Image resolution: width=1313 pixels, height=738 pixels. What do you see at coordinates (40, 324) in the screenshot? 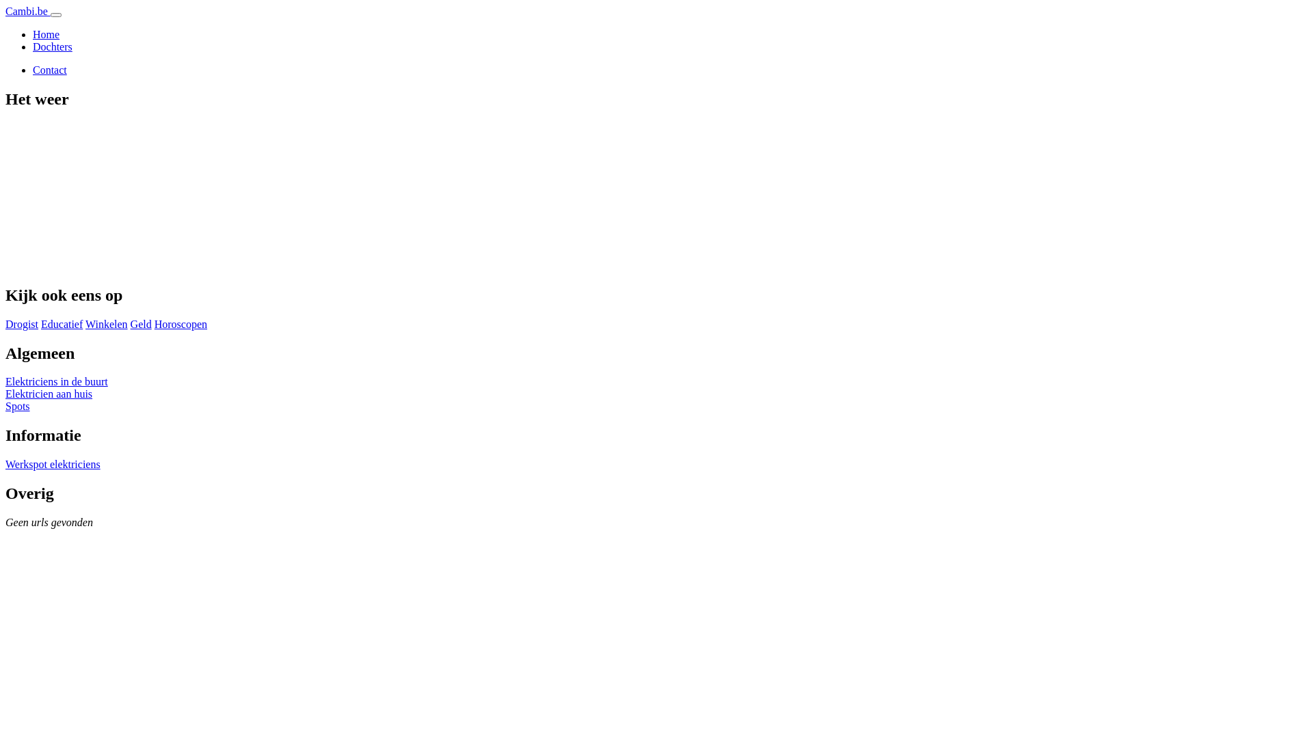
I see `'Educatief'` at bounding box center [40, 324].